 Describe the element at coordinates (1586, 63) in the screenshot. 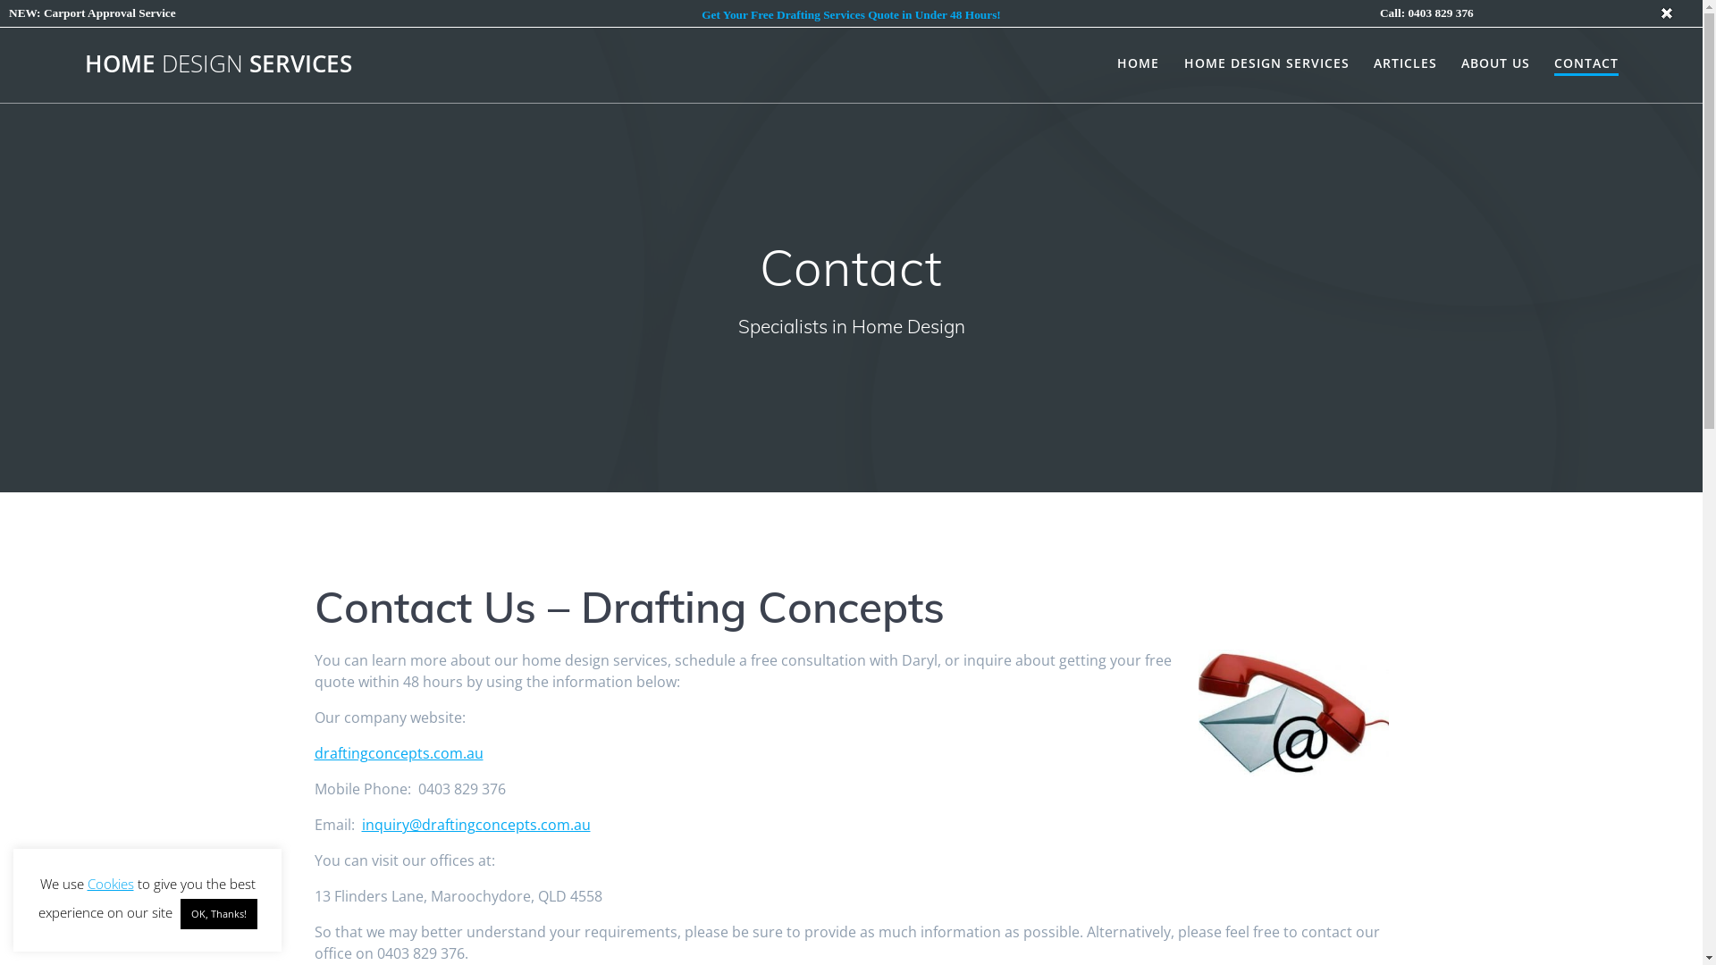

I see `'CONTACT'` at that location.